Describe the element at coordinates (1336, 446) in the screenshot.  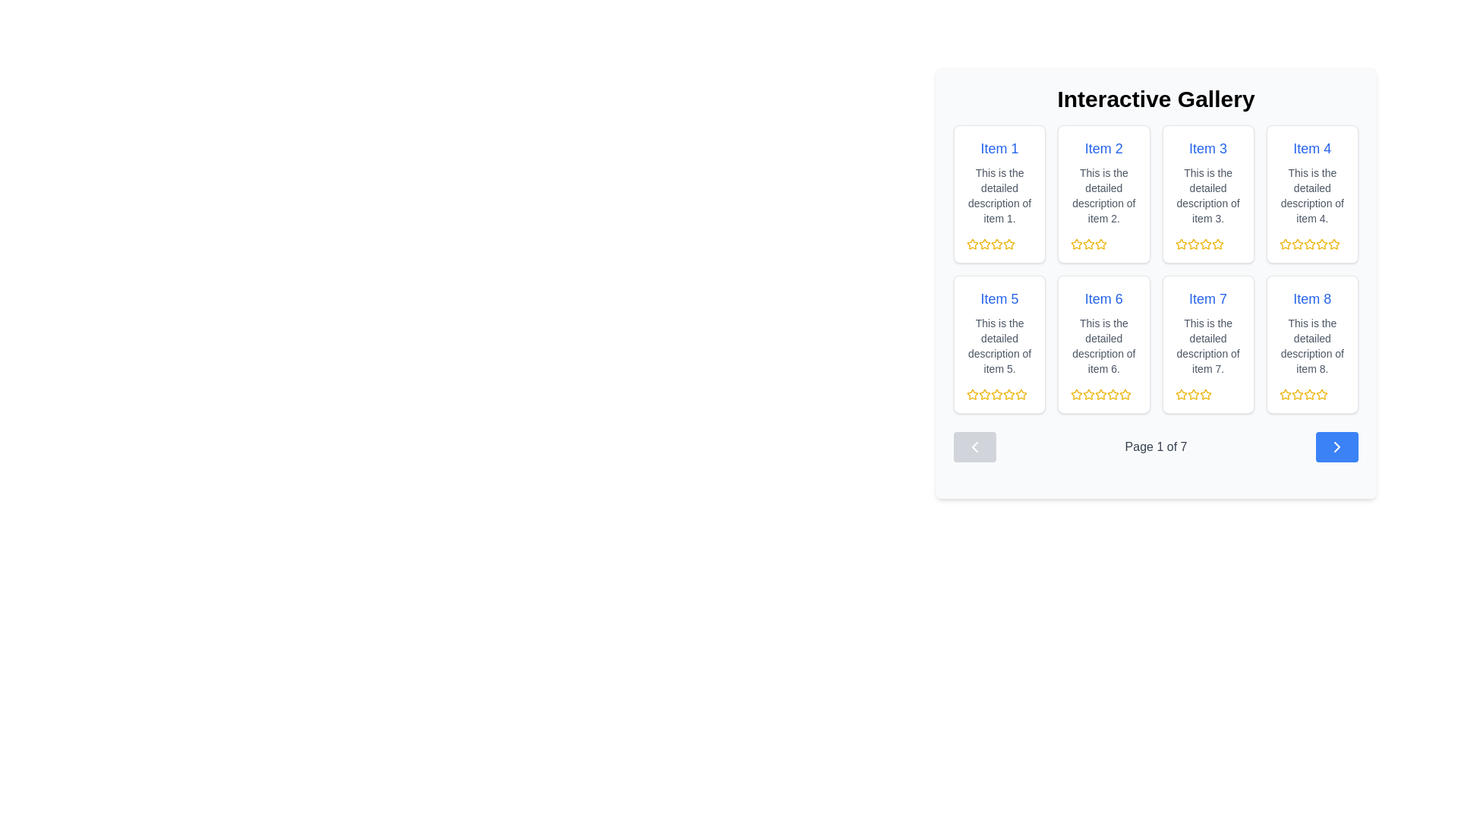
I see `the right-pointing chevron icon located in the bottom-right corner of the panel` at that location.